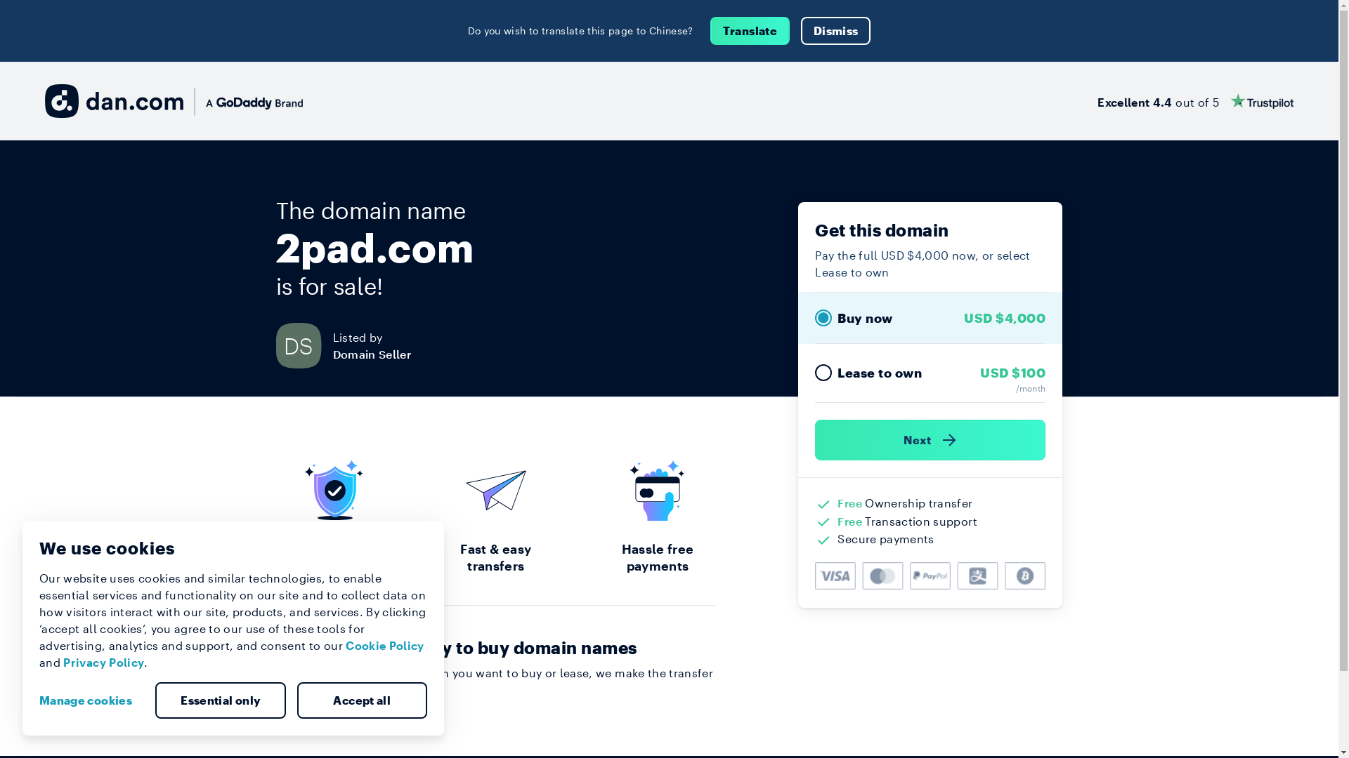 This screenshot has height=758, width=1349. What do you see at coordinates (103, 662) in the screenshot?
I see `'Privacy Policy'` at bounding box center [103, 662].